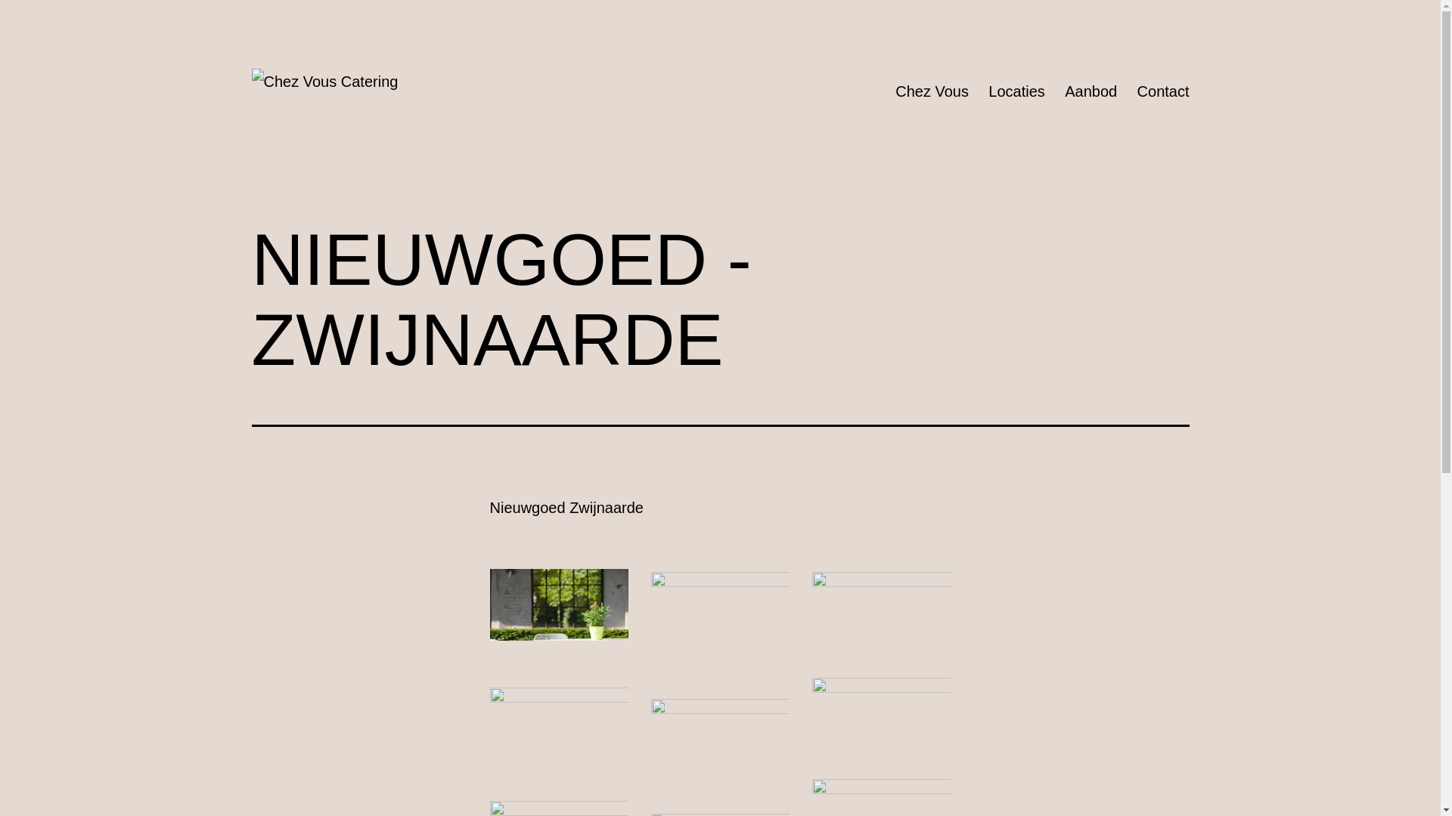 The width and height of the screenshot is (1452, 816). I want to click on 'Chez Vous', so click(931, 91).